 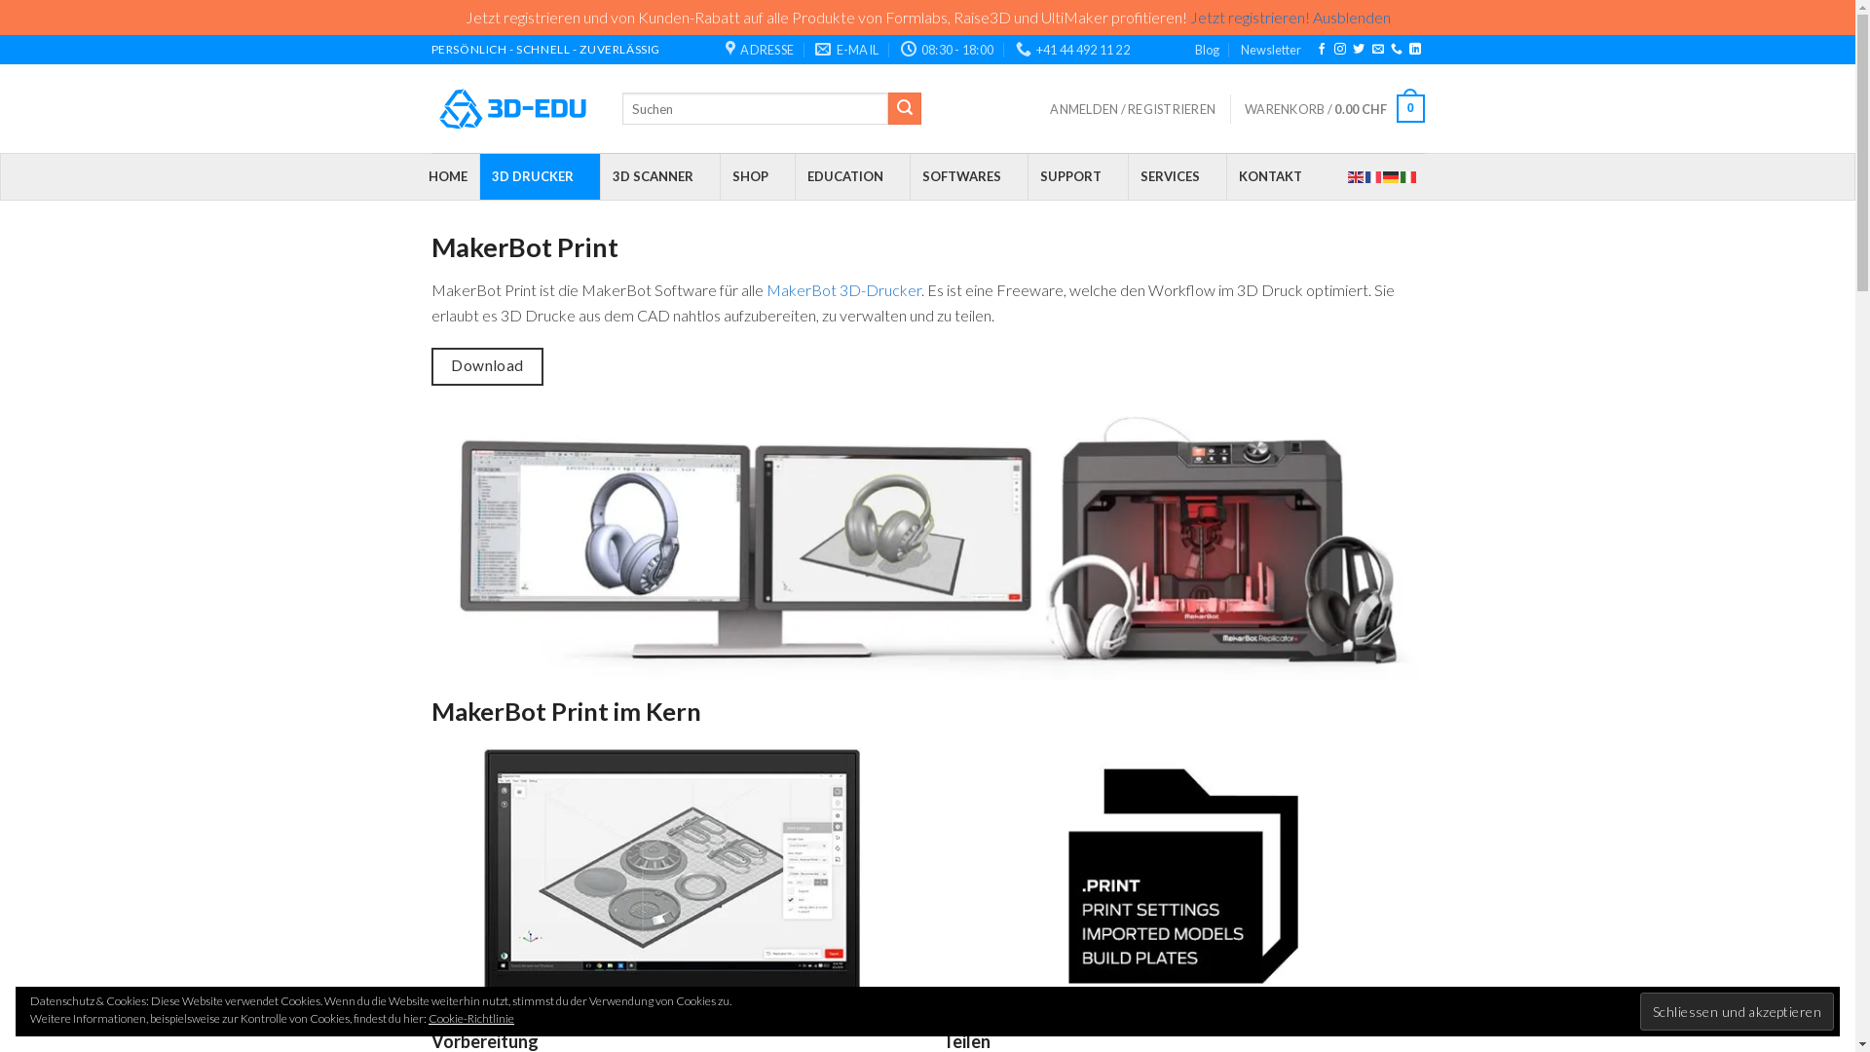 What do you see at coordinates (1271, 48) in the screenshot?
I see `'Newsletter'` at bounding box center [1271, 48].